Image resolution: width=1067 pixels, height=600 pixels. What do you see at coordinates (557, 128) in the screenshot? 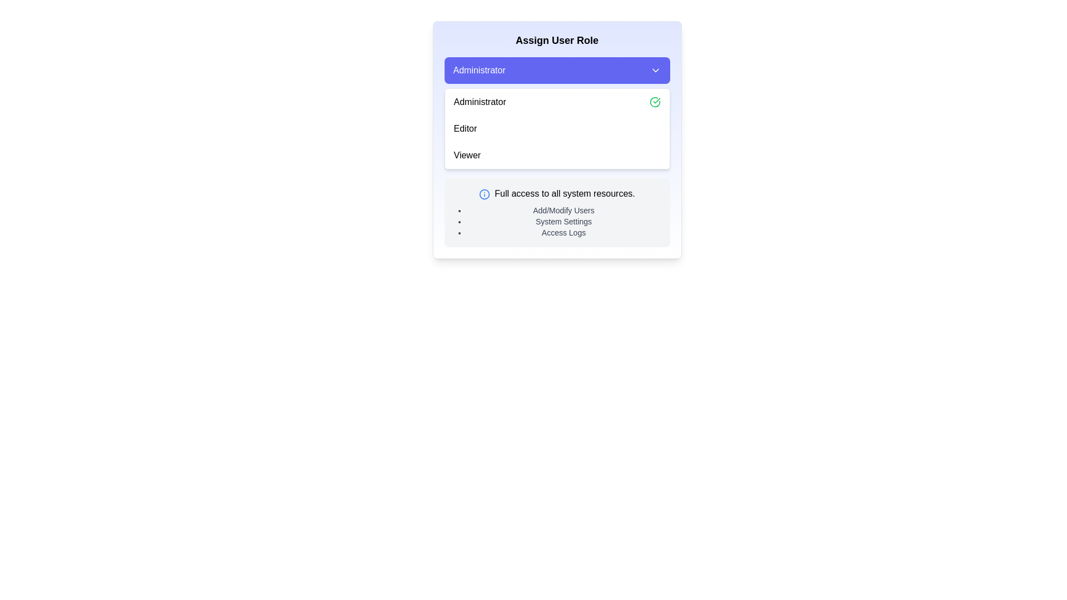
I see `the selectable list item labeled 'Editor'` at bounding box center [557, 128].